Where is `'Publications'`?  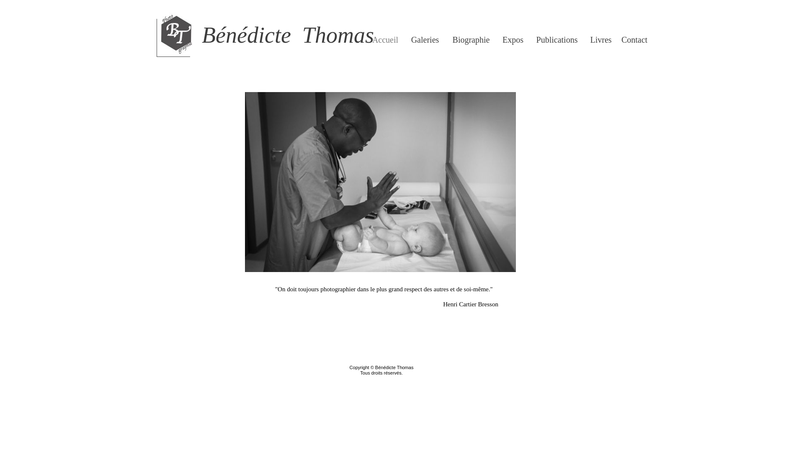
'Publications' is located at coordinates (557, 40).